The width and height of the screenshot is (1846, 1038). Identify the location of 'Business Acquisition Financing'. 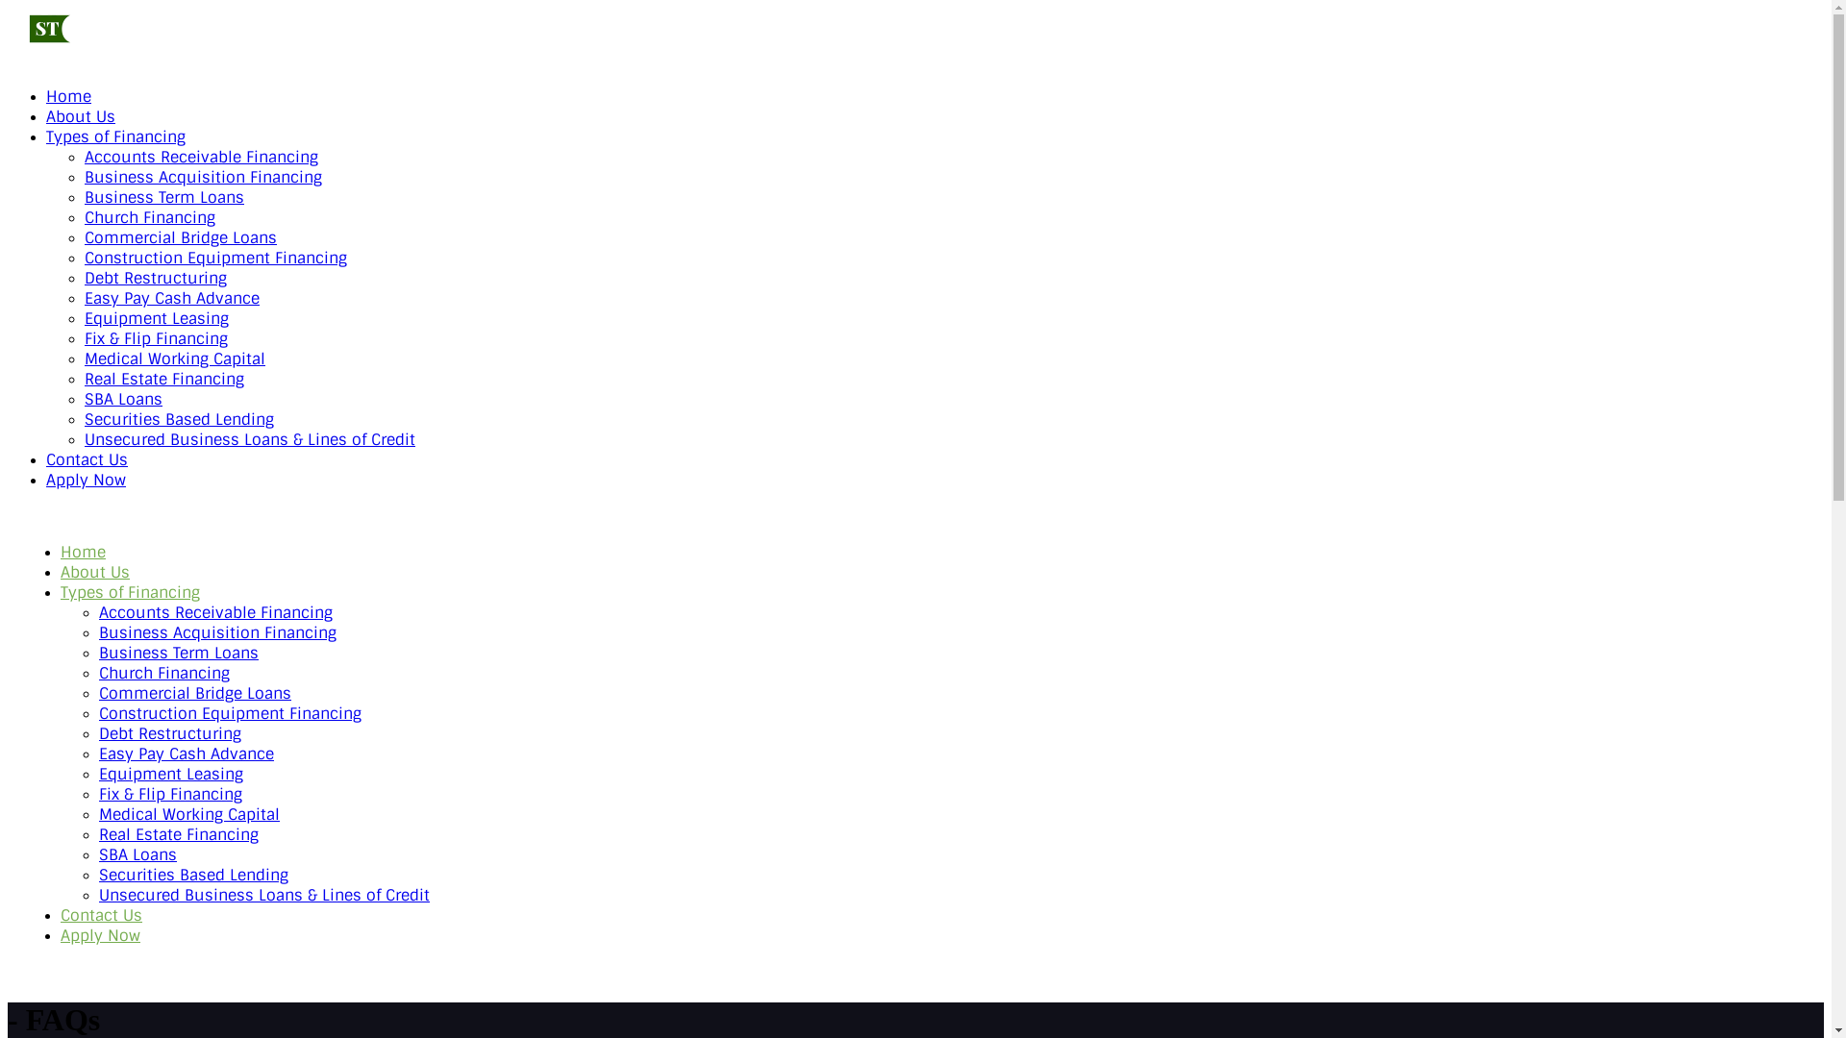
(203, 177).